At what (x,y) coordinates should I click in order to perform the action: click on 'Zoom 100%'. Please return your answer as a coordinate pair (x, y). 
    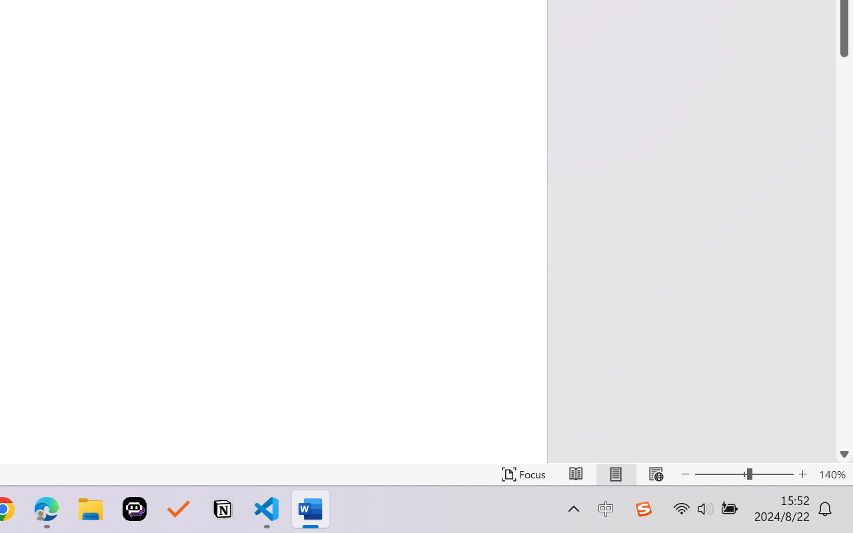
    Looking at the image, I should click on (822, 495).